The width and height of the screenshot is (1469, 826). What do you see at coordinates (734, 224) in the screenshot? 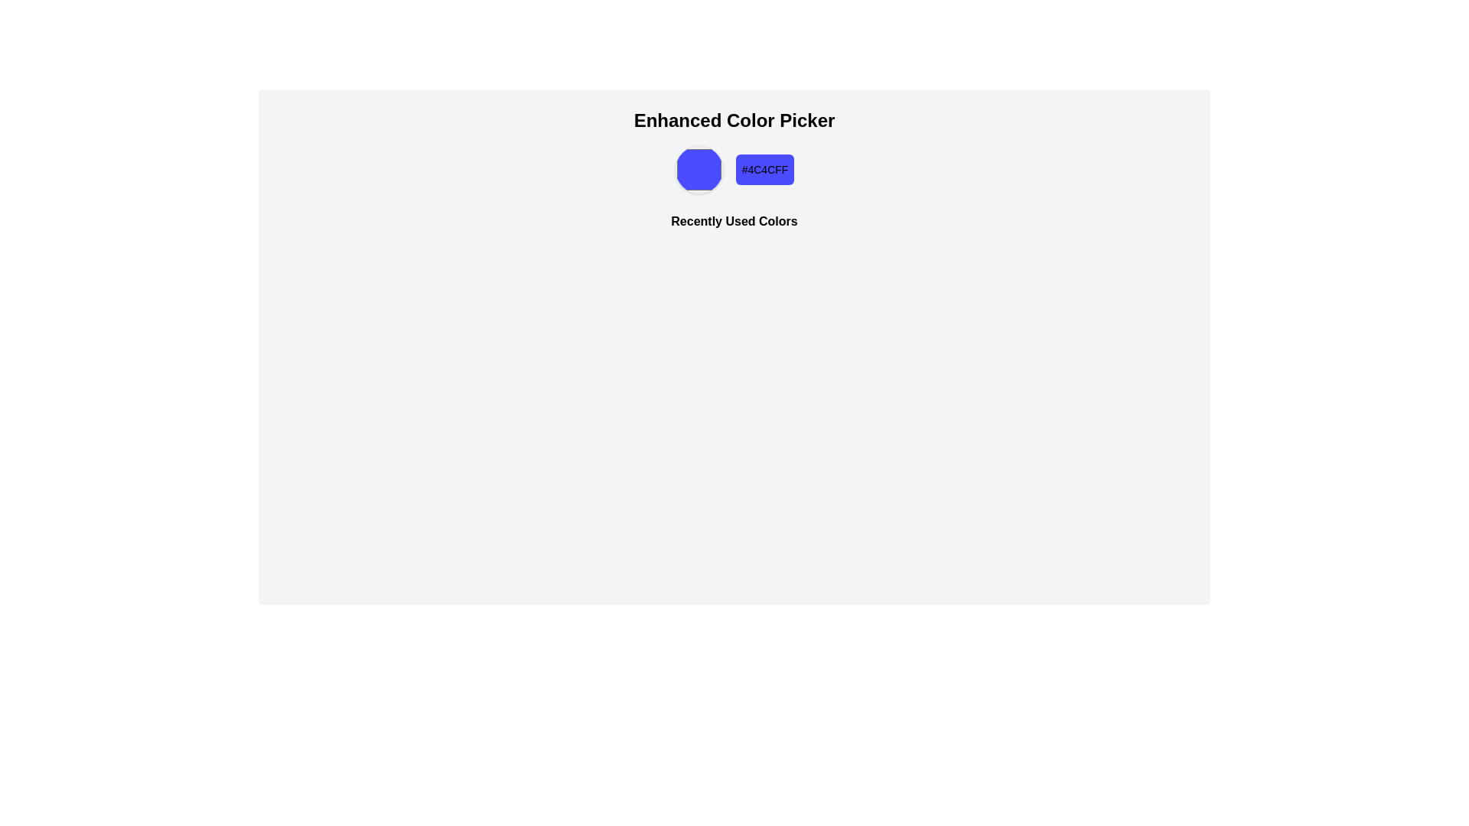
I see `the section heading label that indicates the purpose of the section for recently selected or applied colors, located below the color display and color code field` at bounding box center [734, 224].